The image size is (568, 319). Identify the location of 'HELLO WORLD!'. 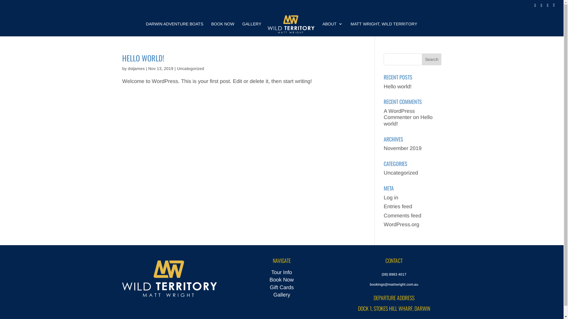
(122, 58).